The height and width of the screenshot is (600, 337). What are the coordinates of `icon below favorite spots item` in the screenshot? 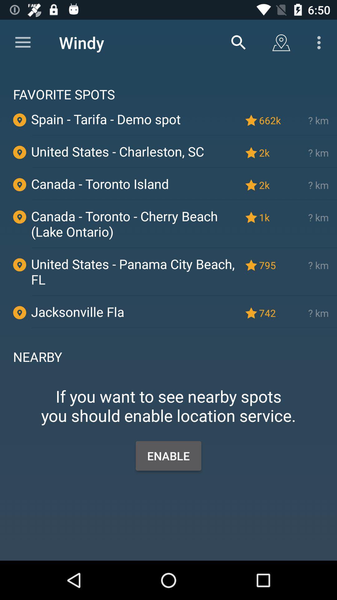 It's located at (271, 120).